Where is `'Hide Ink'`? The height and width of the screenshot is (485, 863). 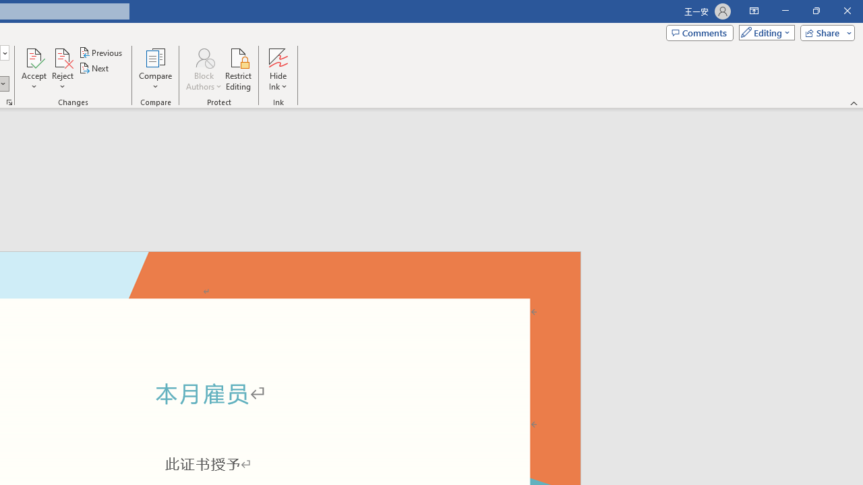
'Hide Ink' is located at coordinates (277, 57).